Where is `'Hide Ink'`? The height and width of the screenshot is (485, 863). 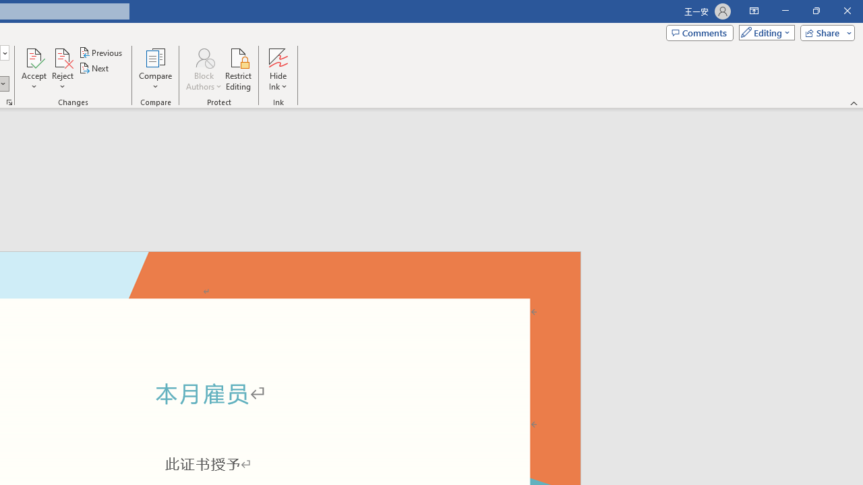
'Hide Ink' is located at coordinates (277, 57).